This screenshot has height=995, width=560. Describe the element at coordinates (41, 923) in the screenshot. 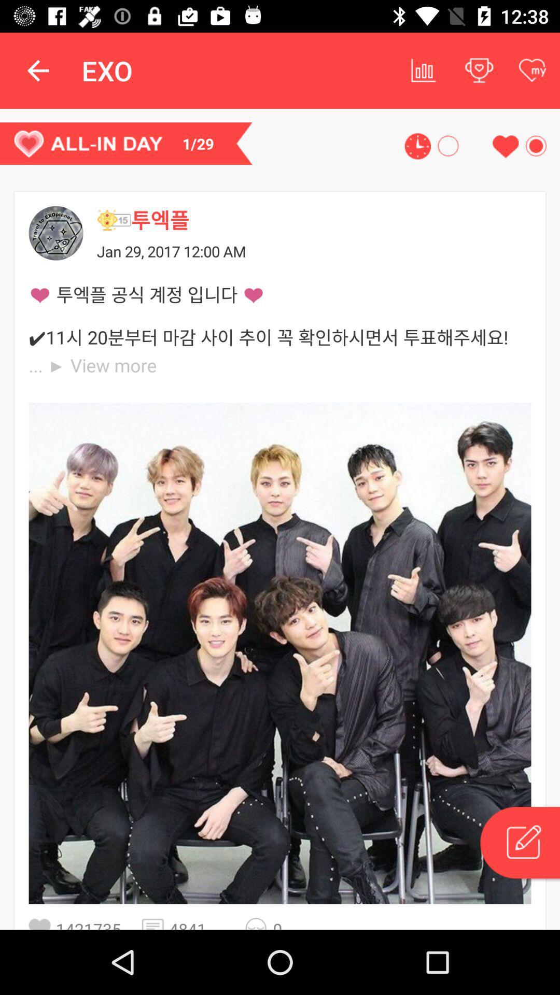

I see `item to the left of 1421735 icon` at that location.